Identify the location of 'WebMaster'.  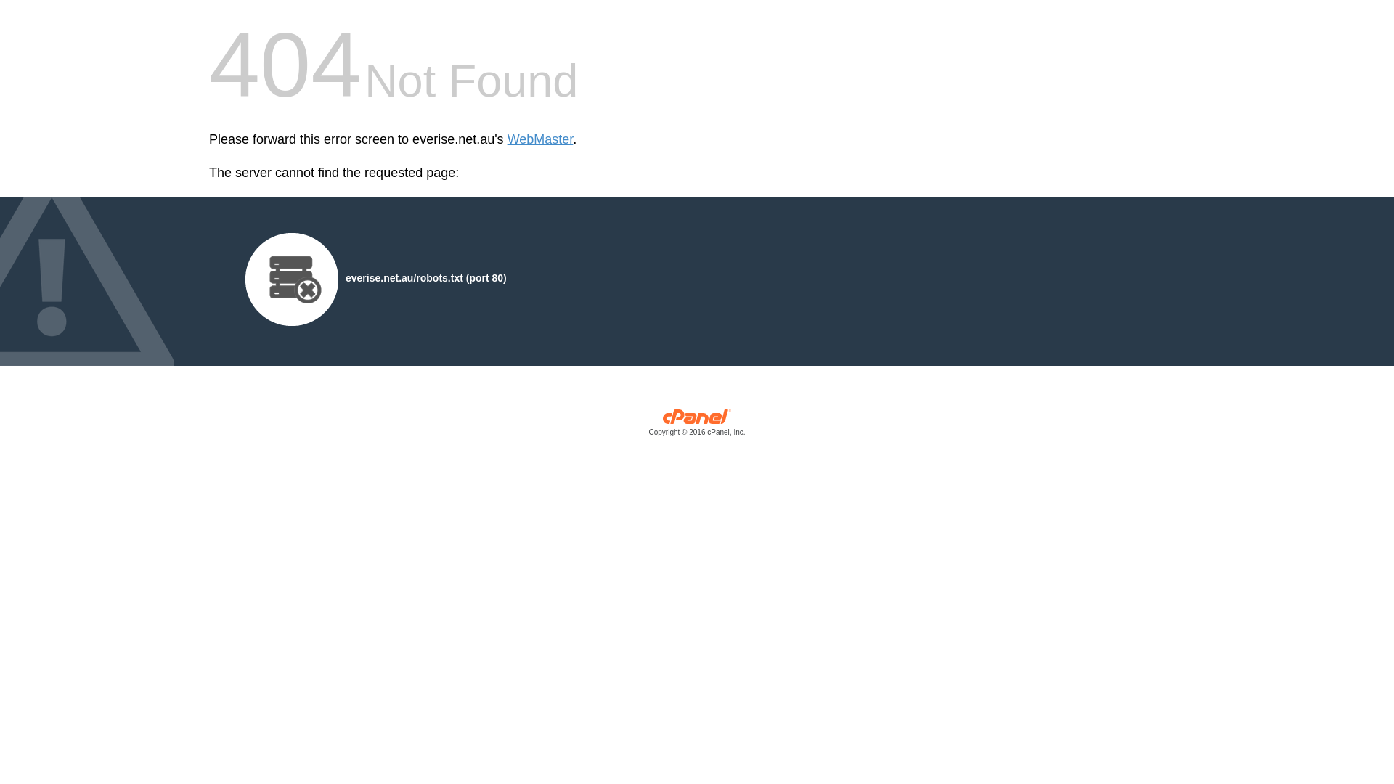
(539, 139).